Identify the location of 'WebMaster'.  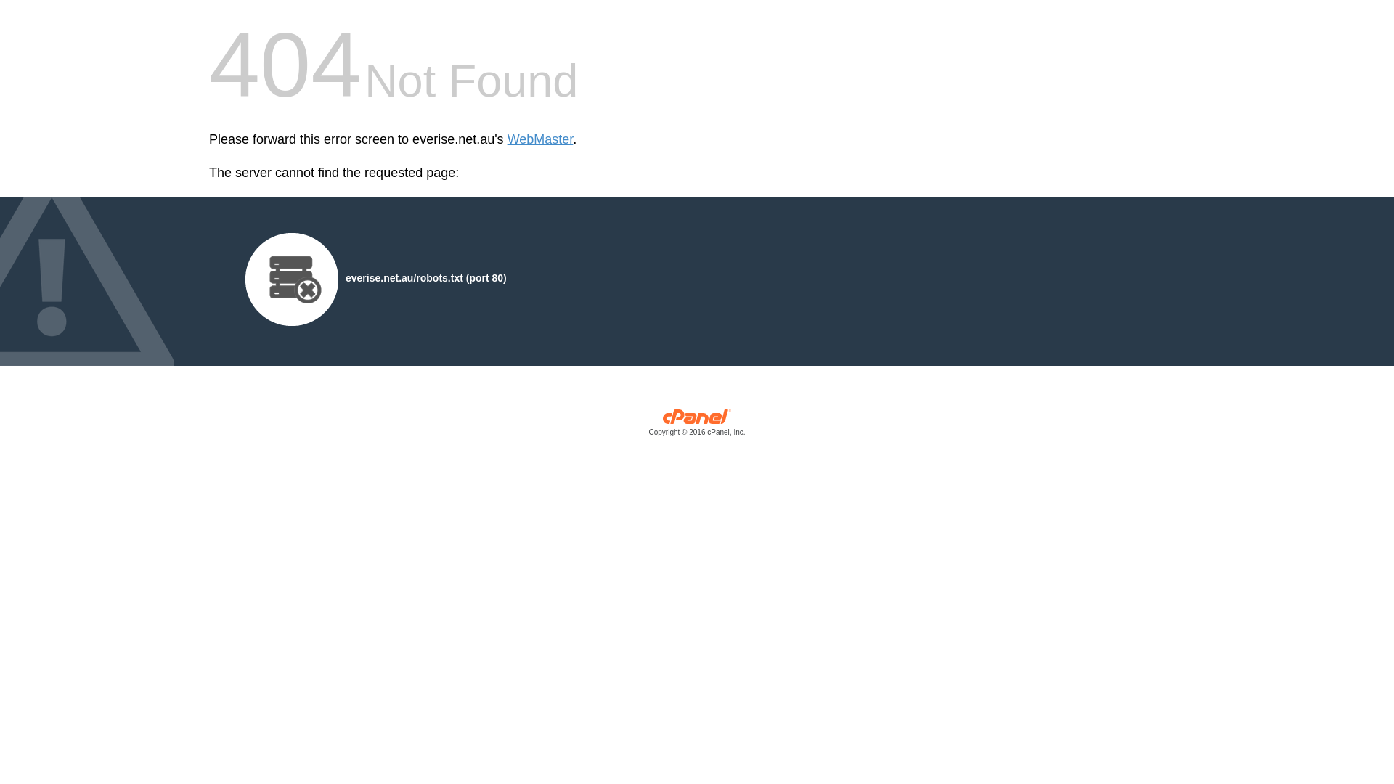
(539, 139).